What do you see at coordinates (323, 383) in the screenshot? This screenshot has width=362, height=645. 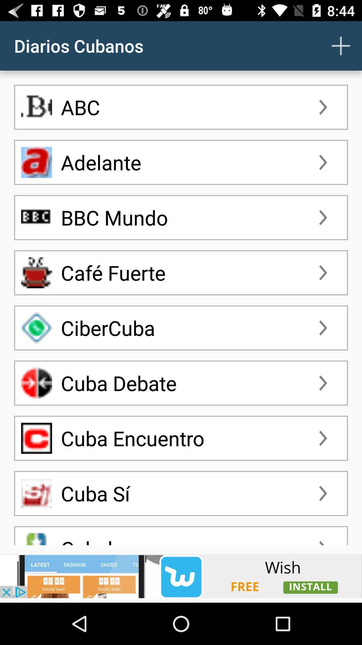 I see `sixth arrow icon` at bounding box center [323, 383].